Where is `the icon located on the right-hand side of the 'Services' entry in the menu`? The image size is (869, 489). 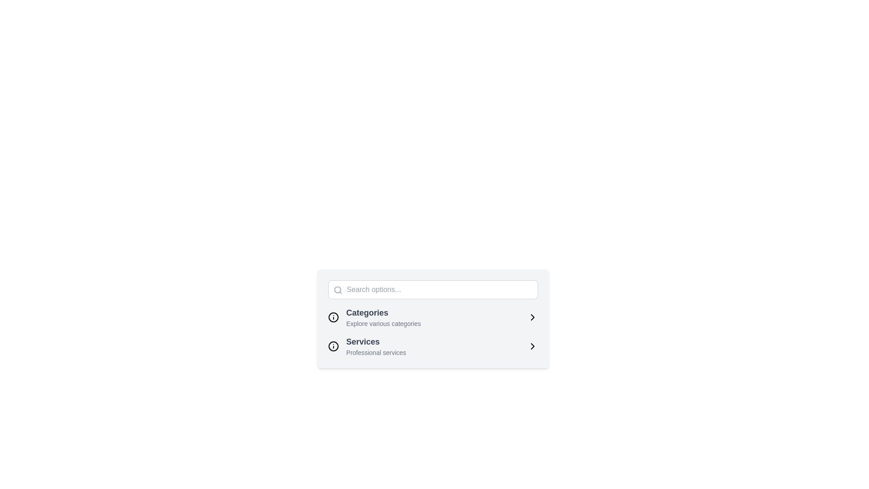 the icon located on the right-hand side of the 'Services' entry in the menu is located at coordinates (532, 346).